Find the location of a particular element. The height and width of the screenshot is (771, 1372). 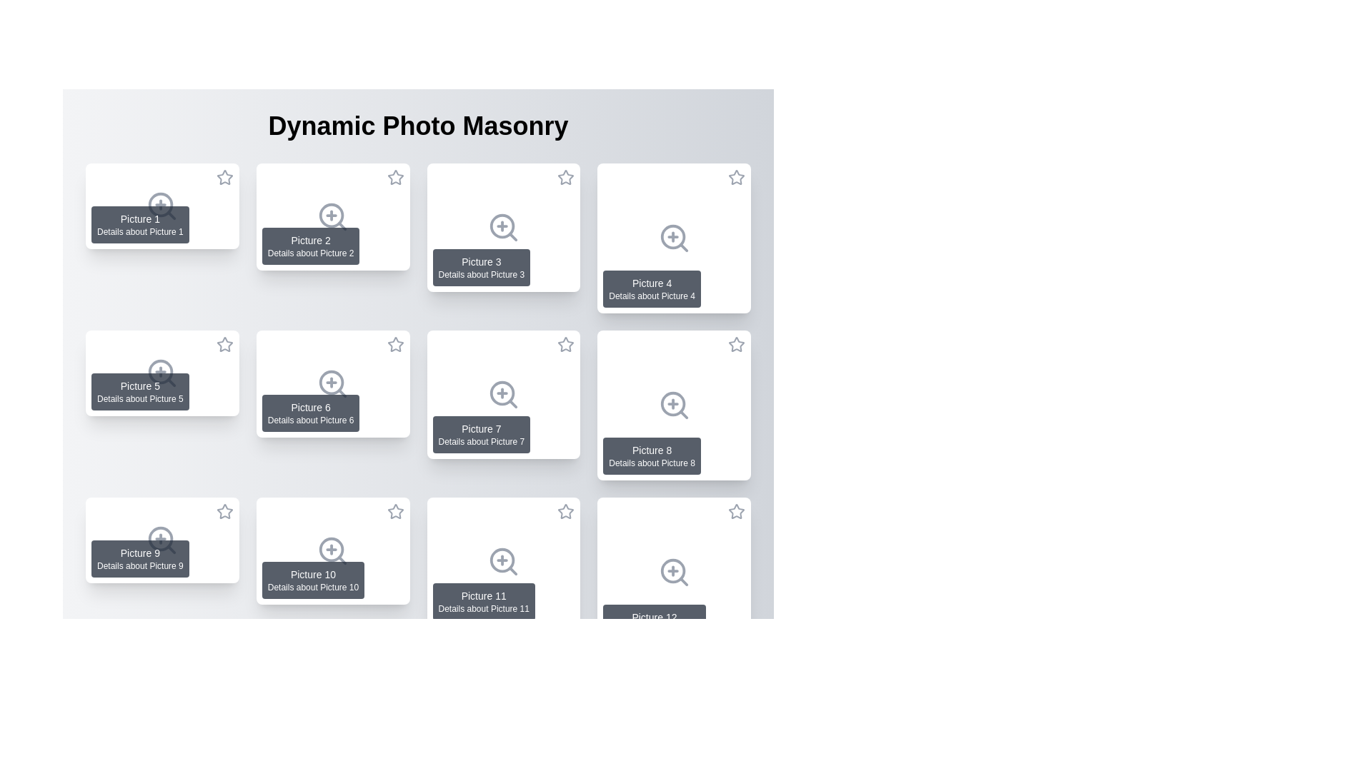

the star icon outlined in gray located at the top-right corner of the card displaying 'Picture 11' to favorite this card is located at coordinates (565, 514).